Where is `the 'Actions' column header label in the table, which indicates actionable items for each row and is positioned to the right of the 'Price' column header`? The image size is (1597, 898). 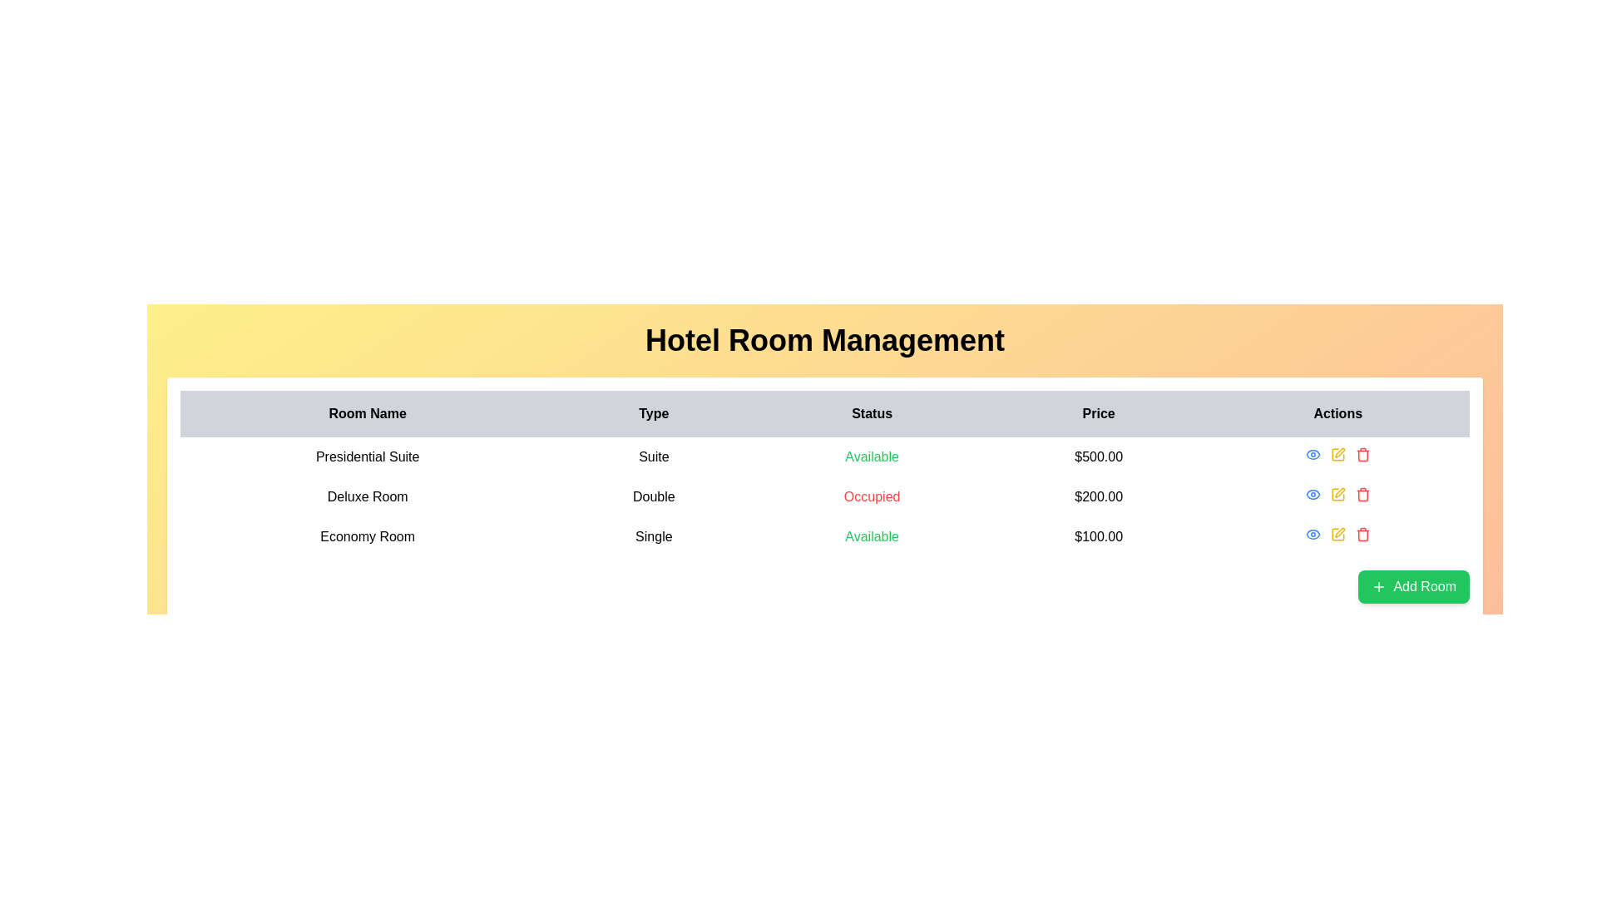
the 'Actions' column header label in the table, which indicates actionable items for each row and is positioned to the right of the 'Price' column header is located at coordinates (1337, 412).